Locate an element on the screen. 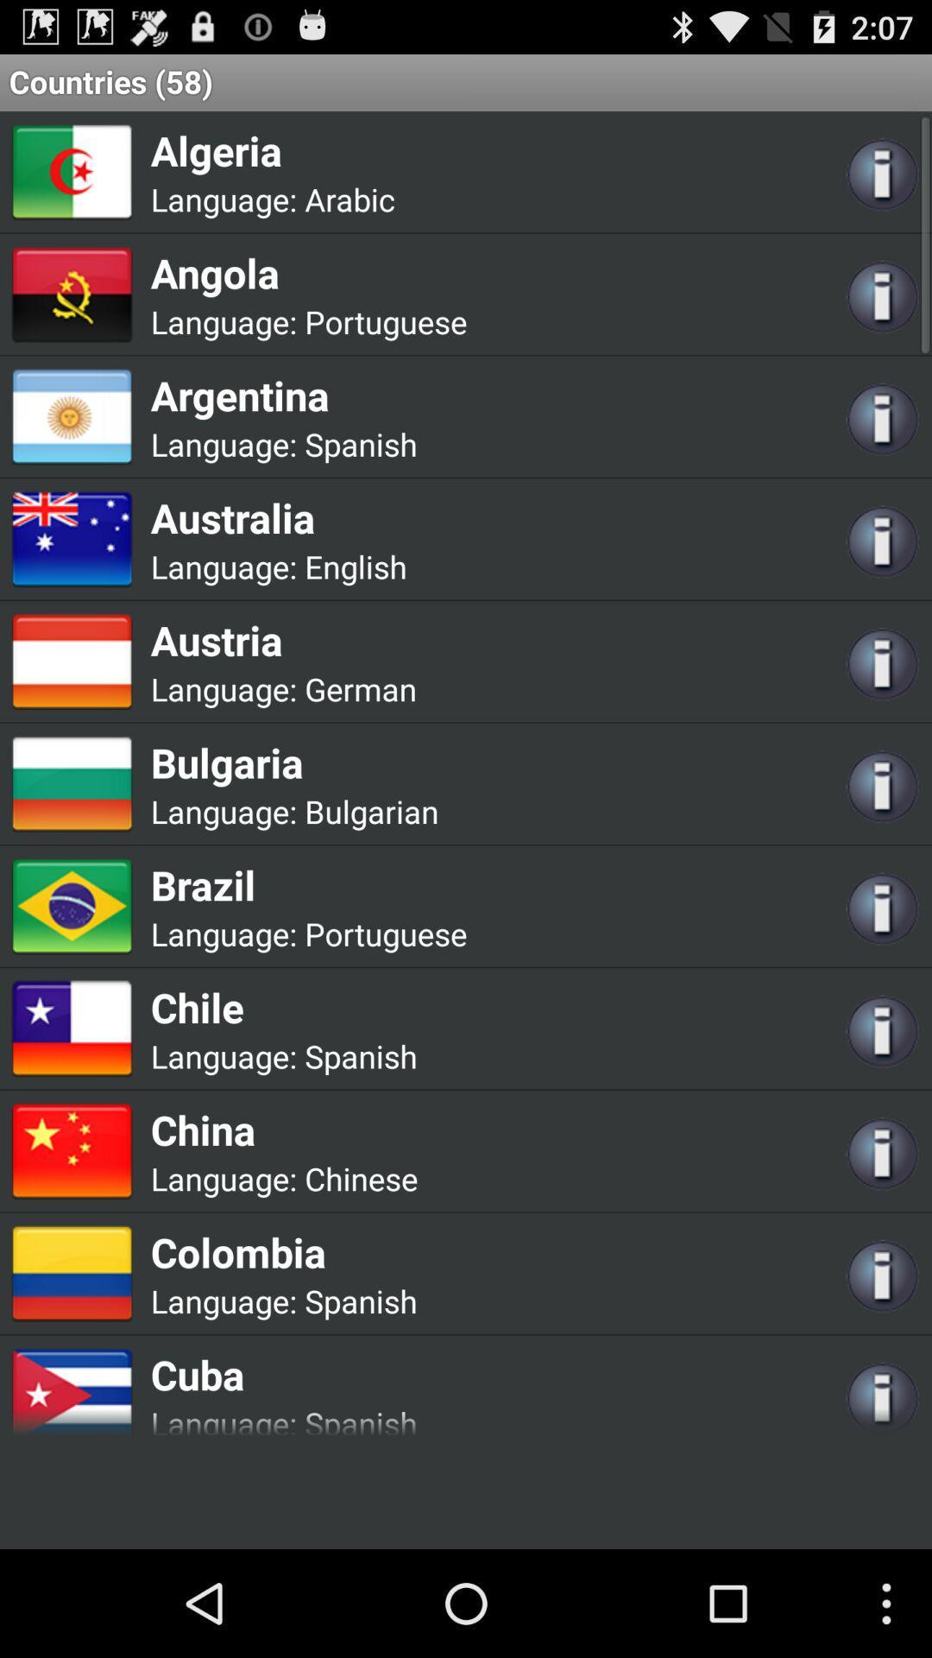 This screenshot has height=1658, width=932. chinese is located at coordinates (360, 1177).